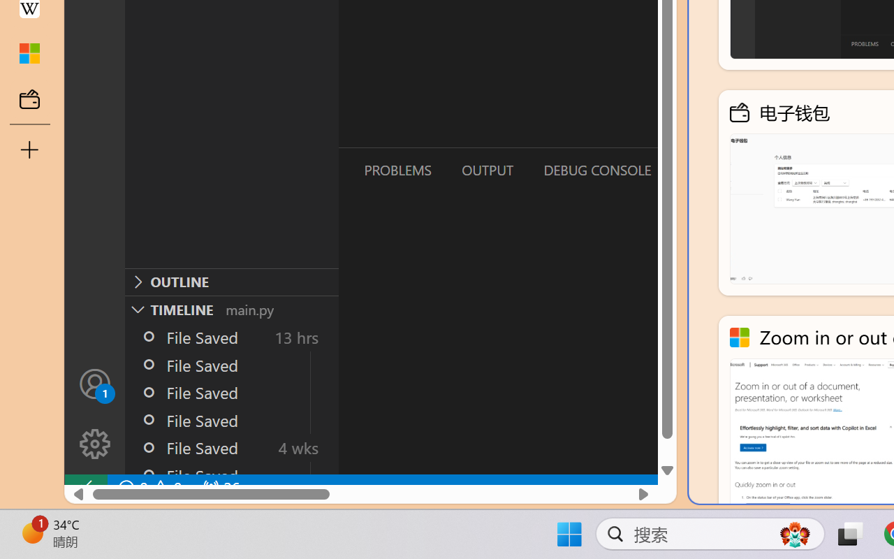 The image size is (894, 559). Describe the element at coordinates (486, 169) in the screenshot. I see `'Output (Ctrl+Shift+U)'` at that location.